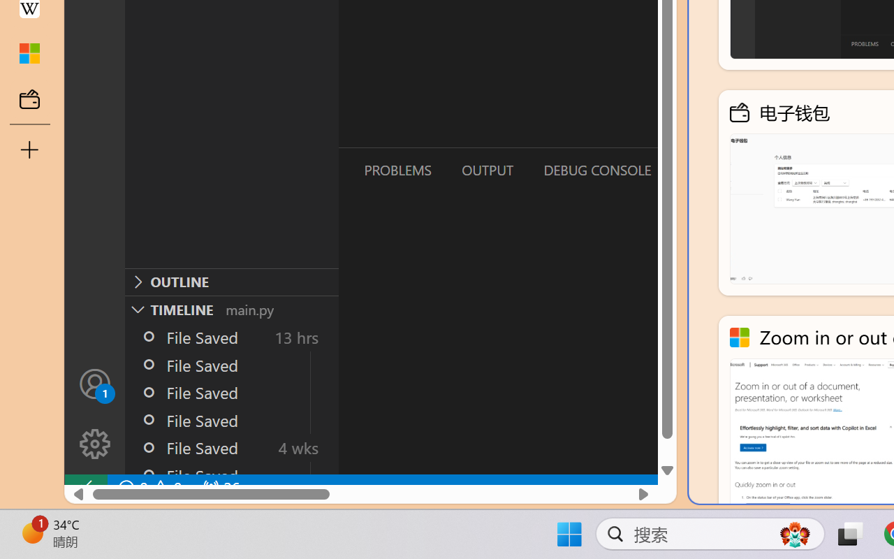 The image size is (894, 559). Describe the element at coordinates (486, 169) in the screenshot. I see `'Output (Ctrl+Shift+U)'` at that location.